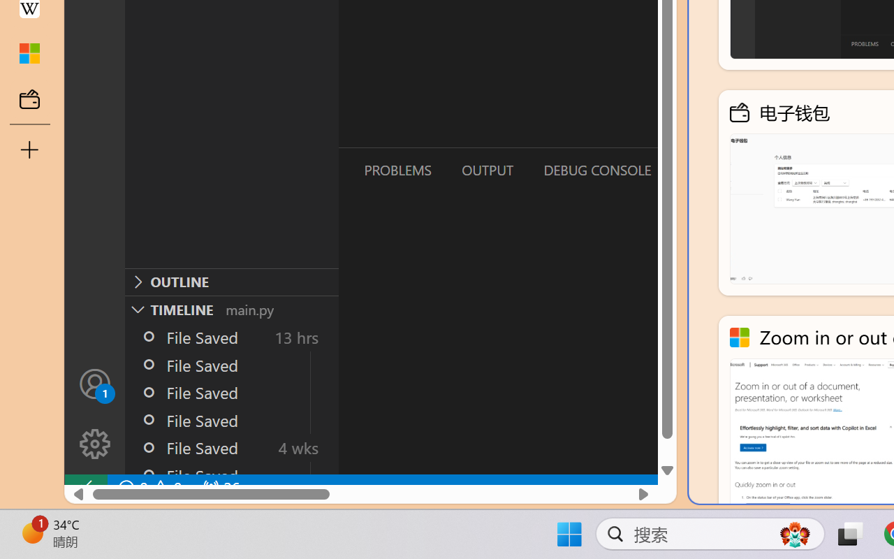 The image size is (894, 559). Describe the element at coordinates (486, 169) in the screenshot. I see `'Output (Ctrl+Shift+U)'` at that location.